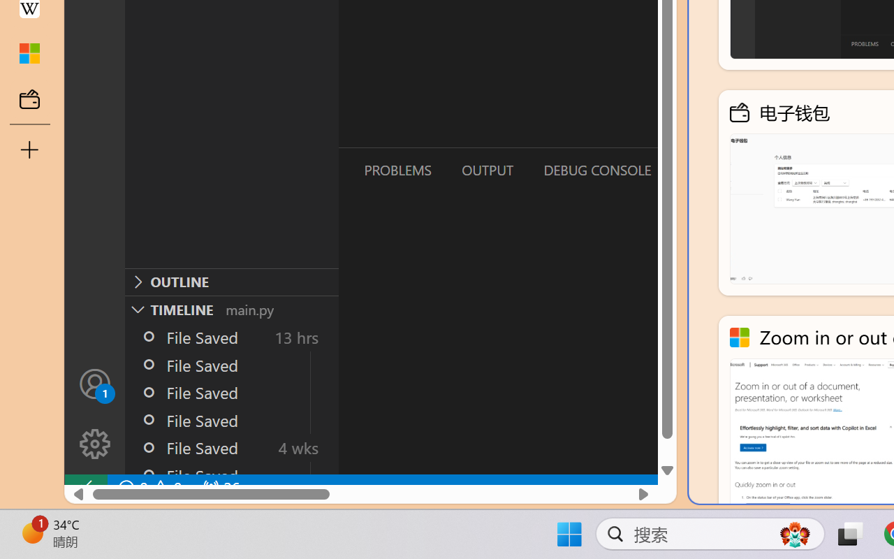 The image size is (894, 559). Describe the element at coordinates (486, 169) in the screenshot. I see `'Output (Ctrl+Shift+U)'` at that location.